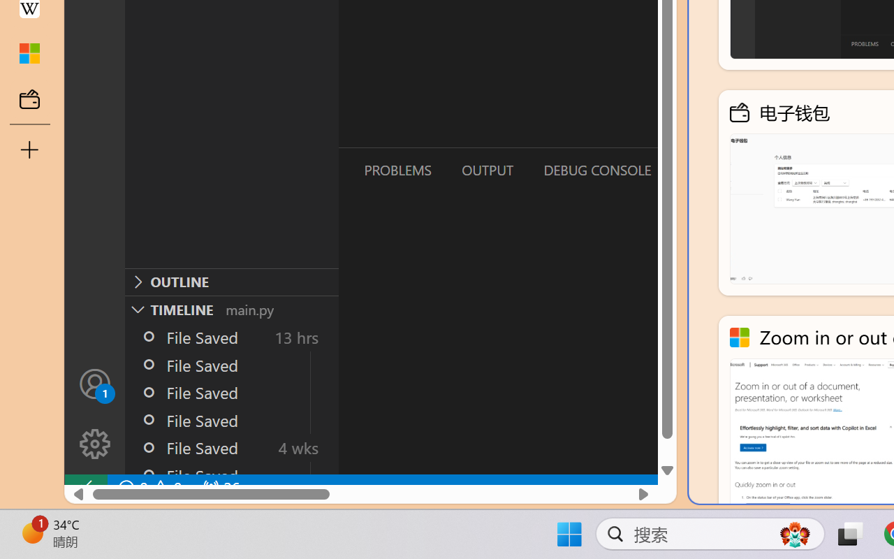 The image size is (894, 559). Describe the element at coordinates (486, 169) in the screenshot. I see `'Output (Ctrl+Shift+U)'` at that location.